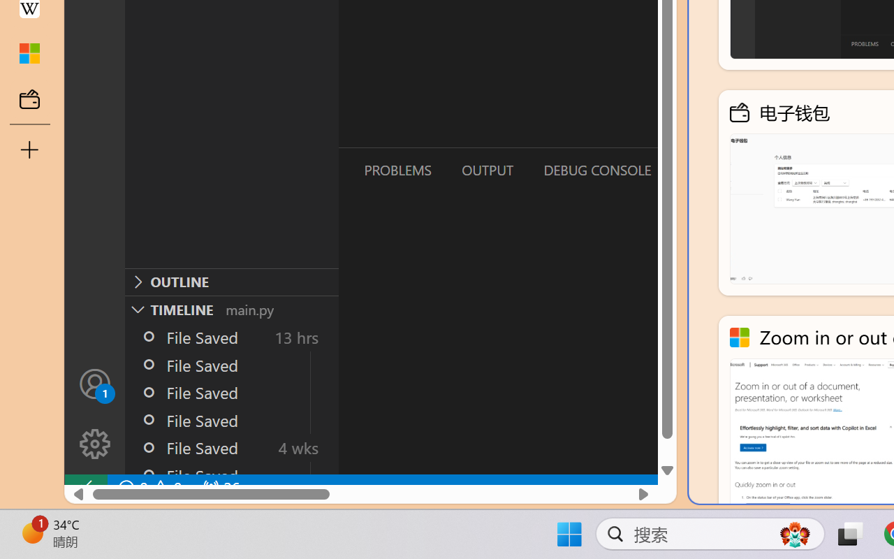 The image size is (894, 559). Describe the element at coordinates (486, 169) in the screenshot. I see `'Output (Ctrl+Shift+U)'` at that location.